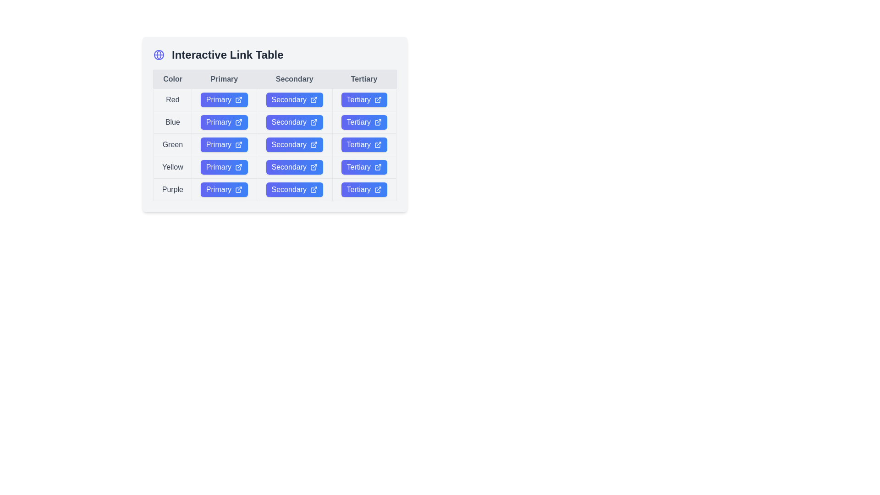 The height and width of the screenshot is (495, 880). Describe the element at coordinates (294, 144) in the screenshot. I see `the 'Secondary' button in the 'Interactive Link Table' located in the third row and second column` at that location.